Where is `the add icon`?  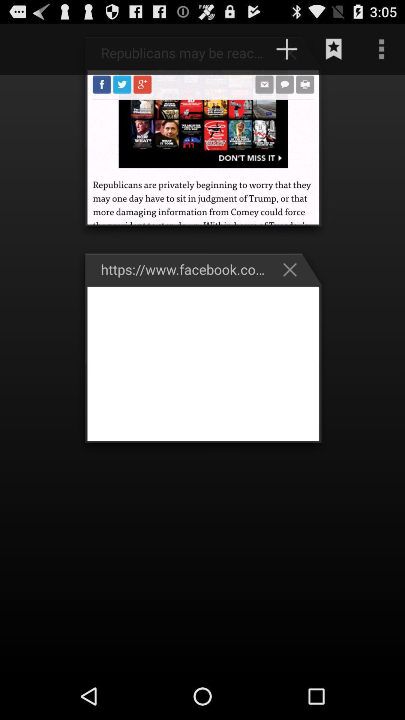 the add icon is located at coordinates (286, 52).